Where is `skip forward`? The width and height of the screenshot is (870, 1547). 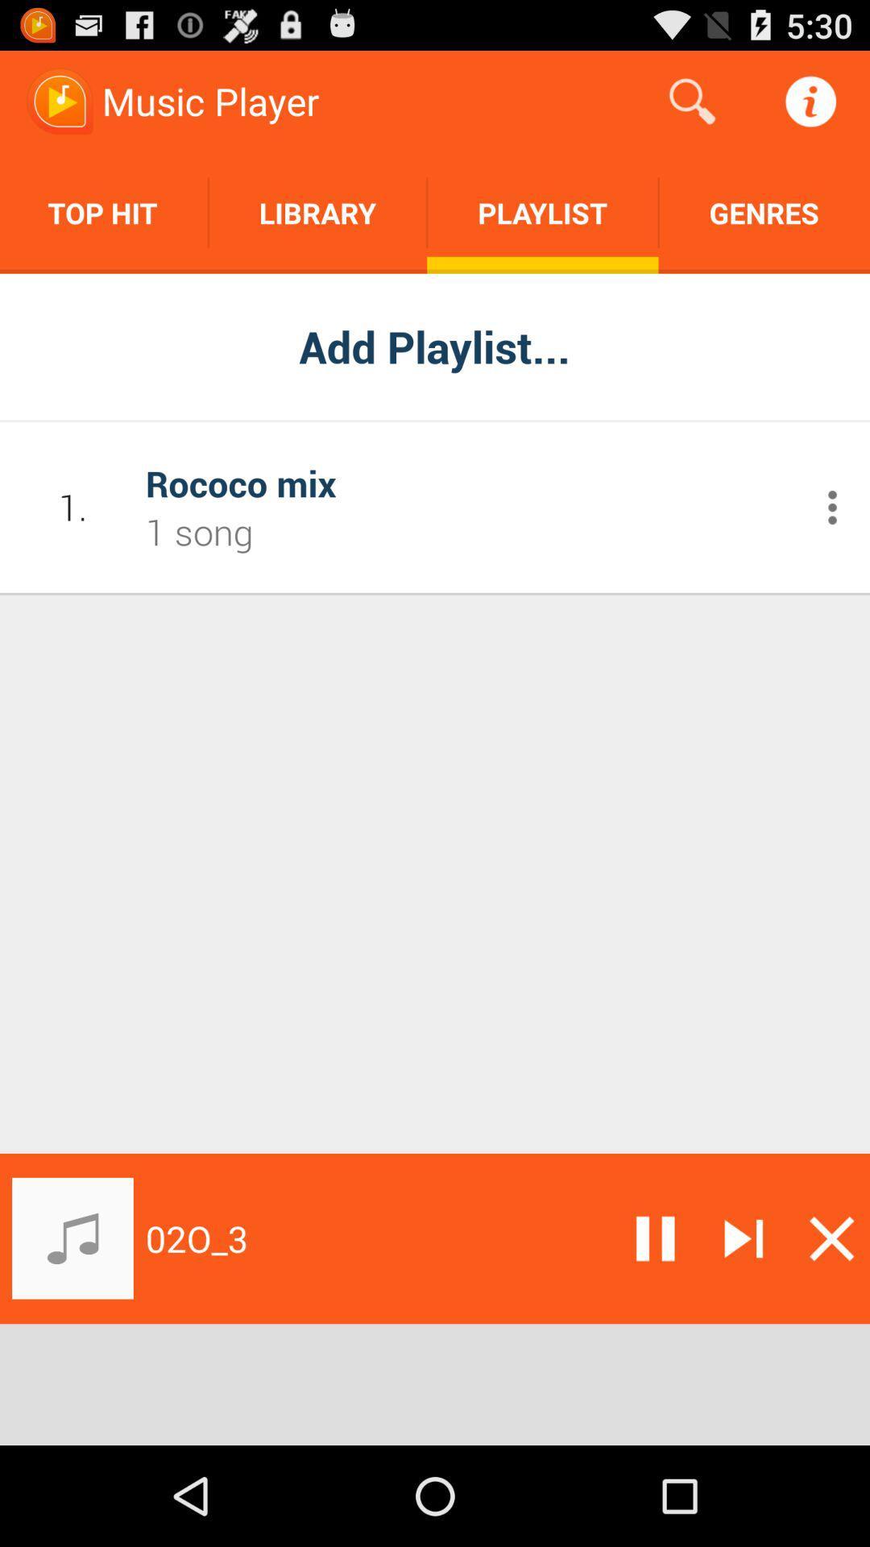 skip forward is located at coordinates (744, 1238).